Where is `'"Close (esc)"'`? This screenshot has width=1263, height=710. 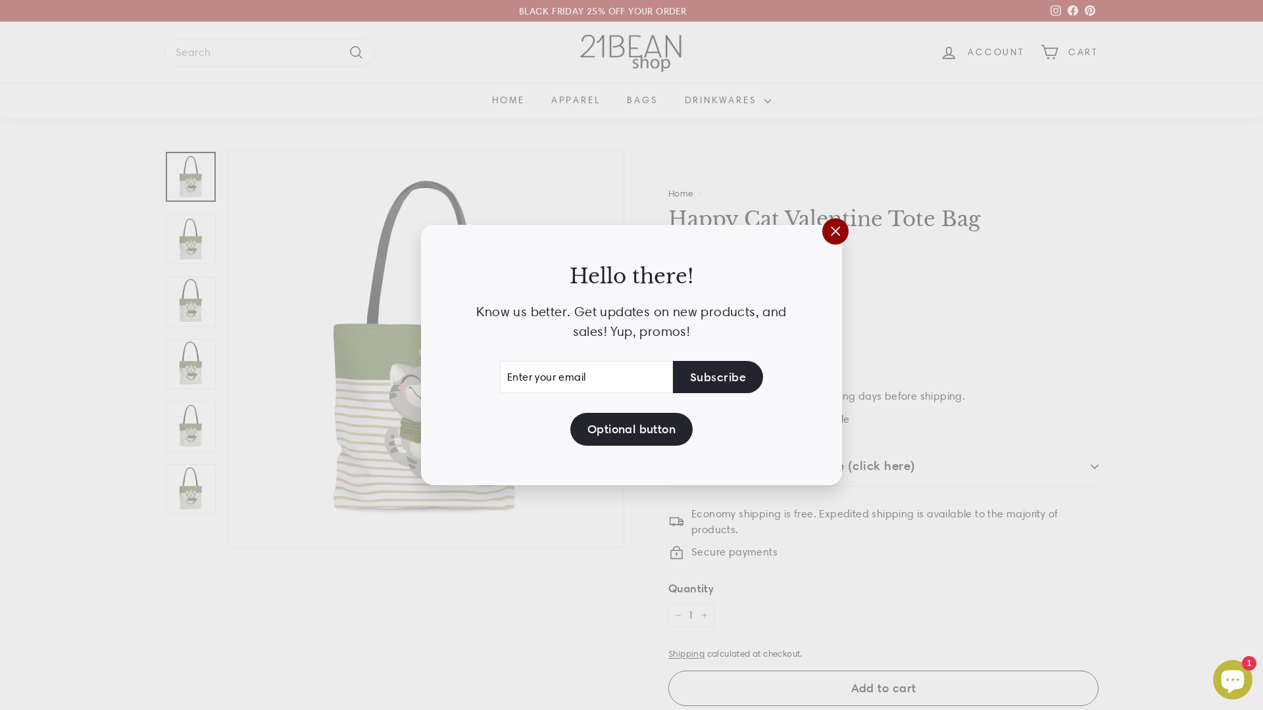
'"Close (esc)"' is located at coordinates (835, 230).